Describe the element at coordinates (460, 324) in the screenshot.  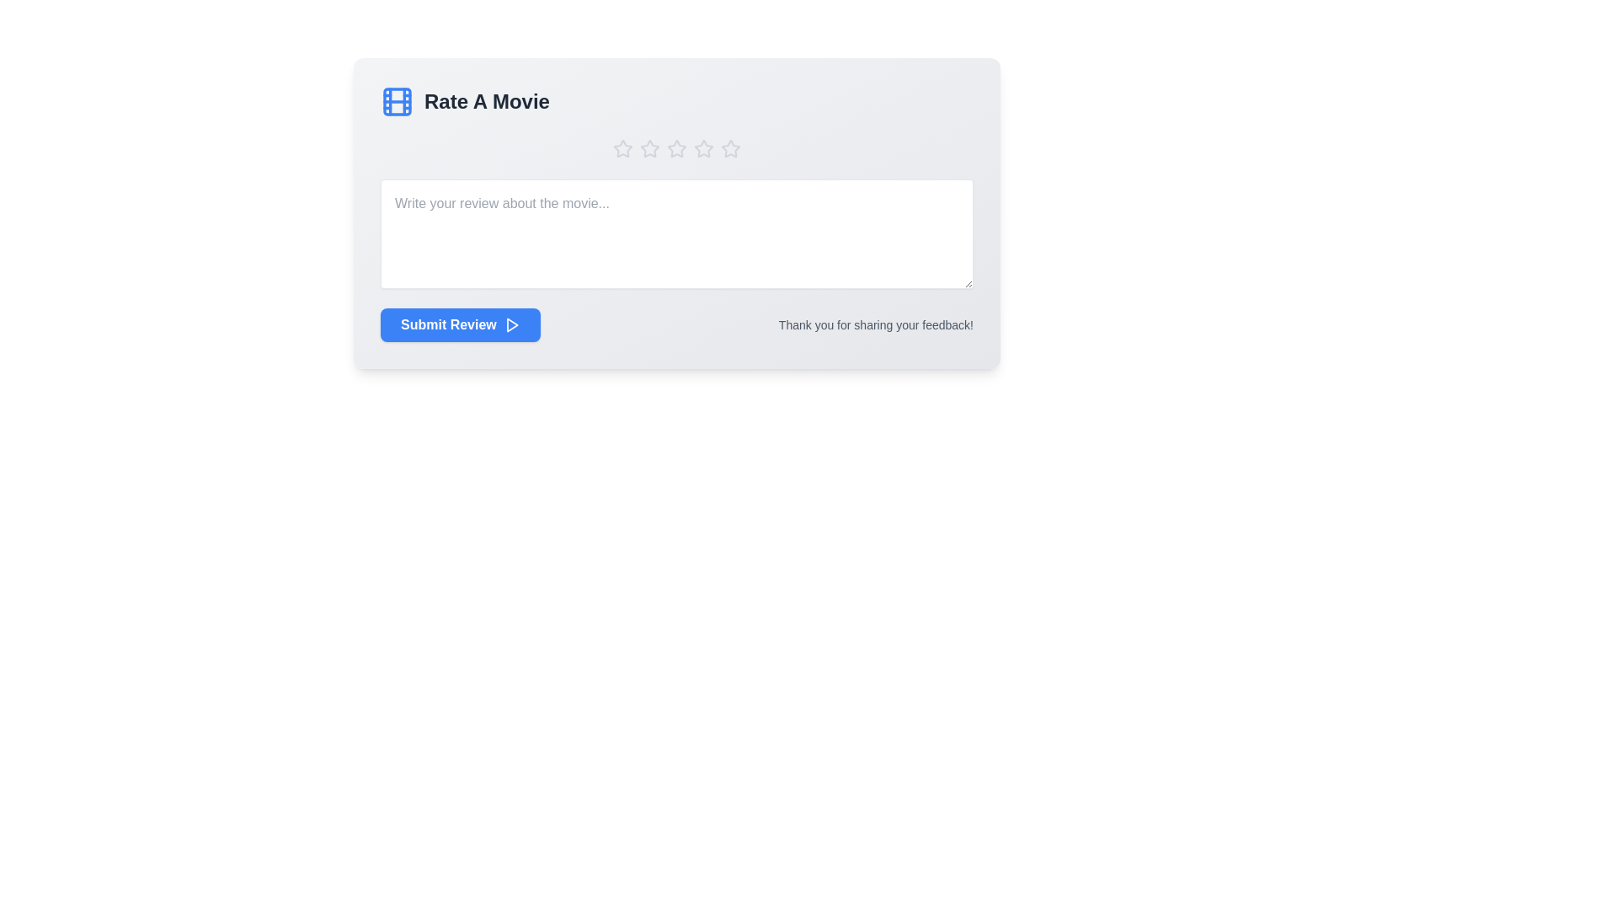
I see `the 'Submit Review' button to submit the review` at that location.